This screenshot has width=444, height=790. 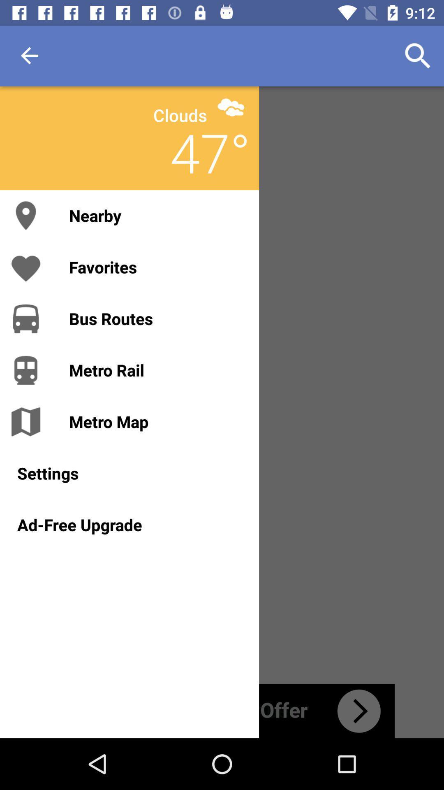 What do you see at coordinates (222, 711) in the screenshot?
I see `launch advertisement` at bounding box center [222, 711].